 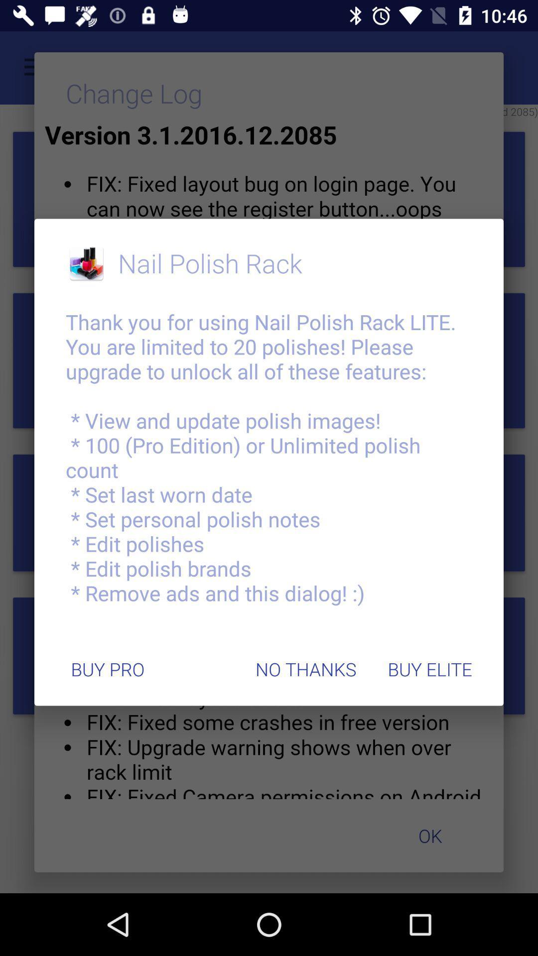 What do you see at coordinates (108, 669) in the screenshot?
I see `buy pro` at bounding box center [108, 669].